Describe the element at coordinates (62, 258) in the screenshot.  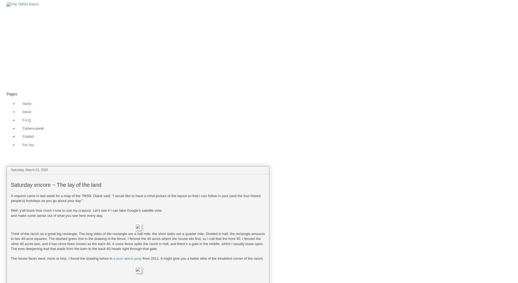
I see `'The house faces west, more or less. I found the drawing below in'` at that location.